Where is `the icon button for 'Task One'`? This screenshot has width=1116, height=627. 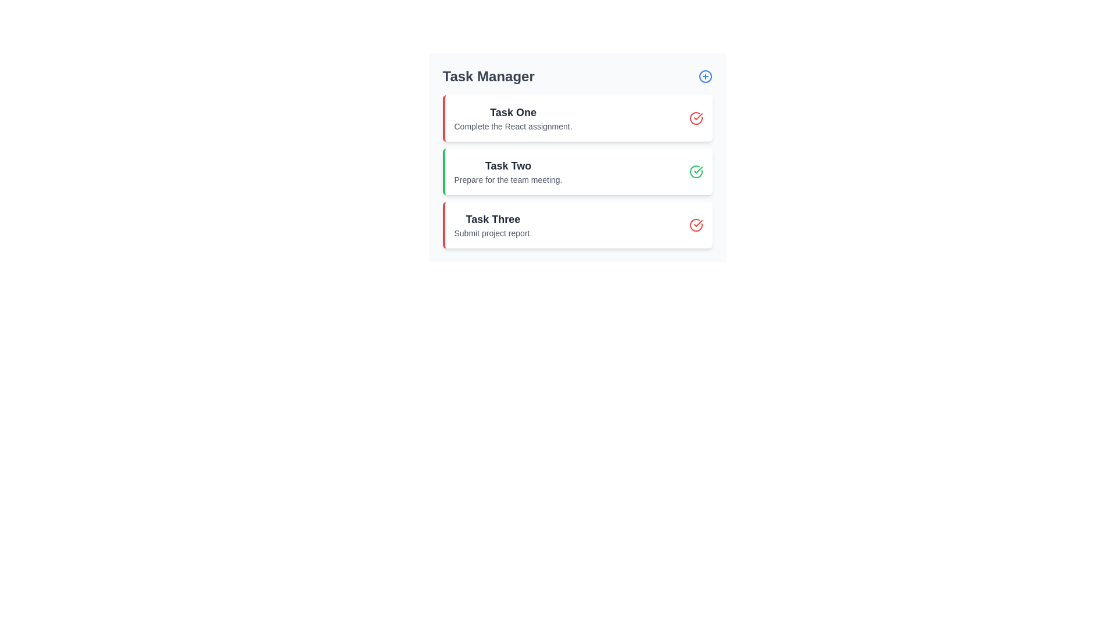 the icon button for 'Task One' is located at coordinates (696, 118).